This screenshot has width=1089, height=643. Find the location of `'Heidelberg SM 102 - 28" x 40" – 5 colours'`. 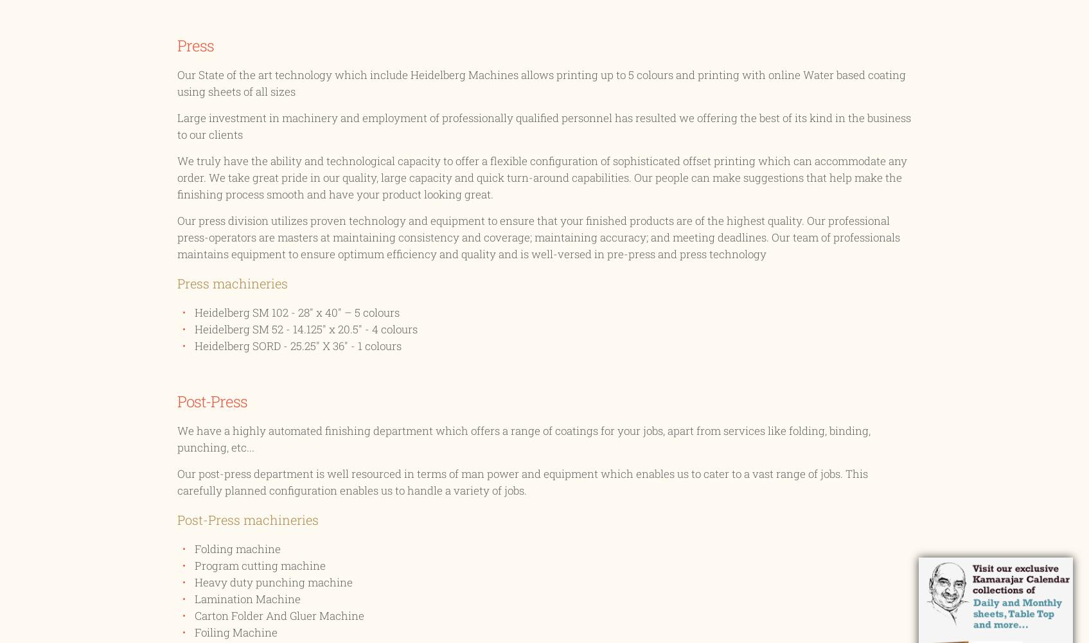

'Heidelberg SM 102 - 28" x 40" – 5 colours' is located at coordinates (194, 312).